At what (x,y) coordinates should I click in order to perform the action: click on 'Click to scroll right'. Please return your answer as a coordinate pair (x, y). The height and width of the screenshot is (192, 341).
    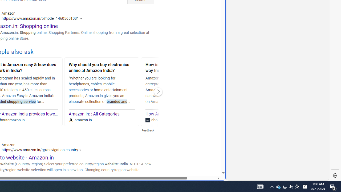
    Looking at the image, I should click on (158, 91).